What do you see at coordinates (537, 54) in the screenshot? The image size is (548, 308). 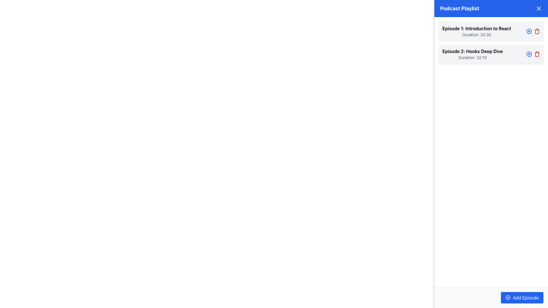 I see `the icon button located within the 'Podcast Playlist' panel, adjacent to 'Episode 2: Hooks Deep Dive'` at bounding box center [537, 54].